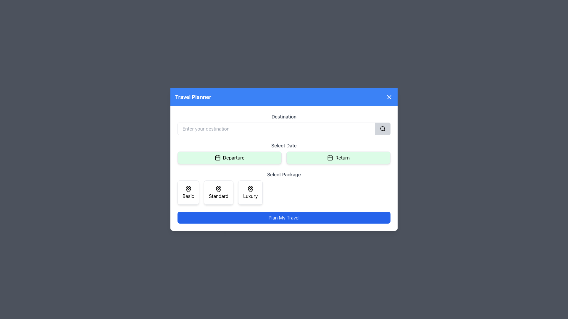 The image size is (568, 319). I want to click on the 'Luxury' package button located in the modal dialog under the 'Select Package' section, so click(250, 192).